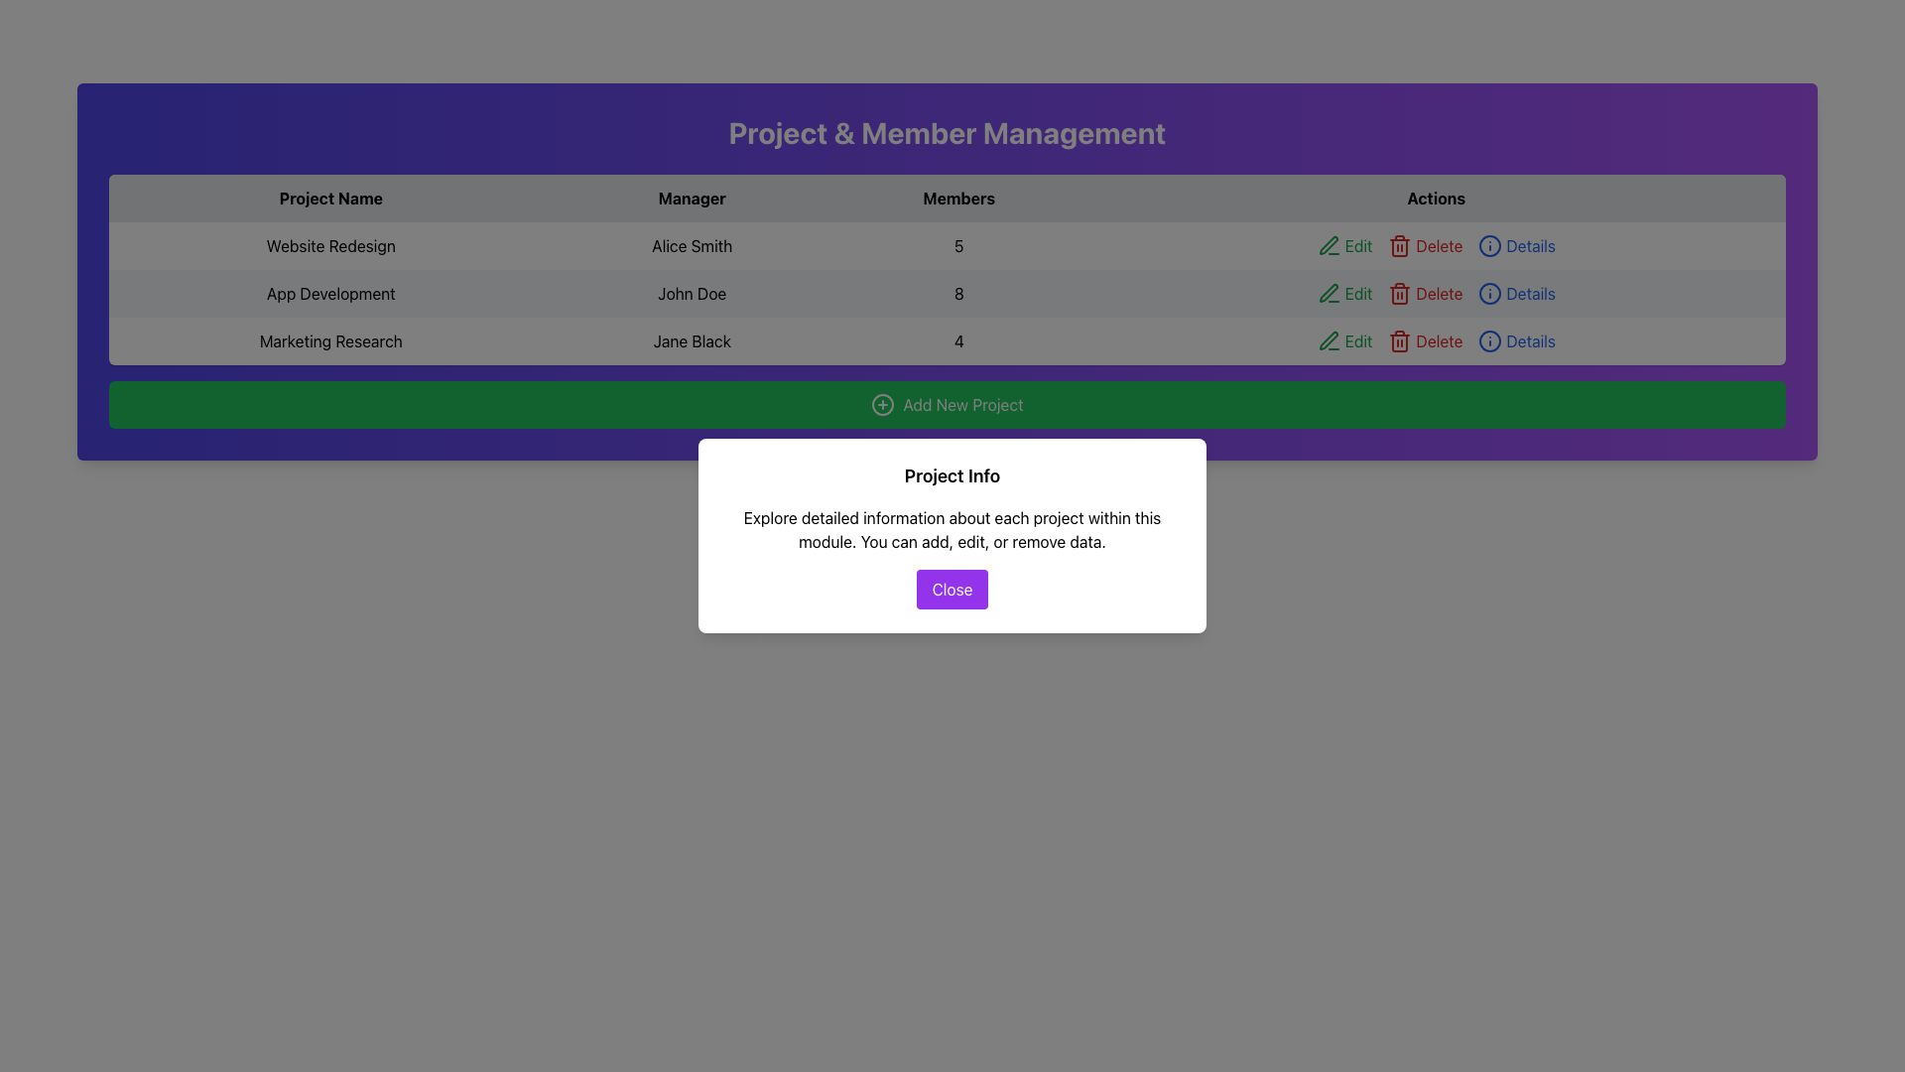 The height and width of the screenshot is (1072, 1905). Describe the element at coordinates (1399, 339) in the screenshot. I see `the trash can icon in the 'Delete' button located in the 'Actions' column of the last row in the table to initiate a delete action` at that location.